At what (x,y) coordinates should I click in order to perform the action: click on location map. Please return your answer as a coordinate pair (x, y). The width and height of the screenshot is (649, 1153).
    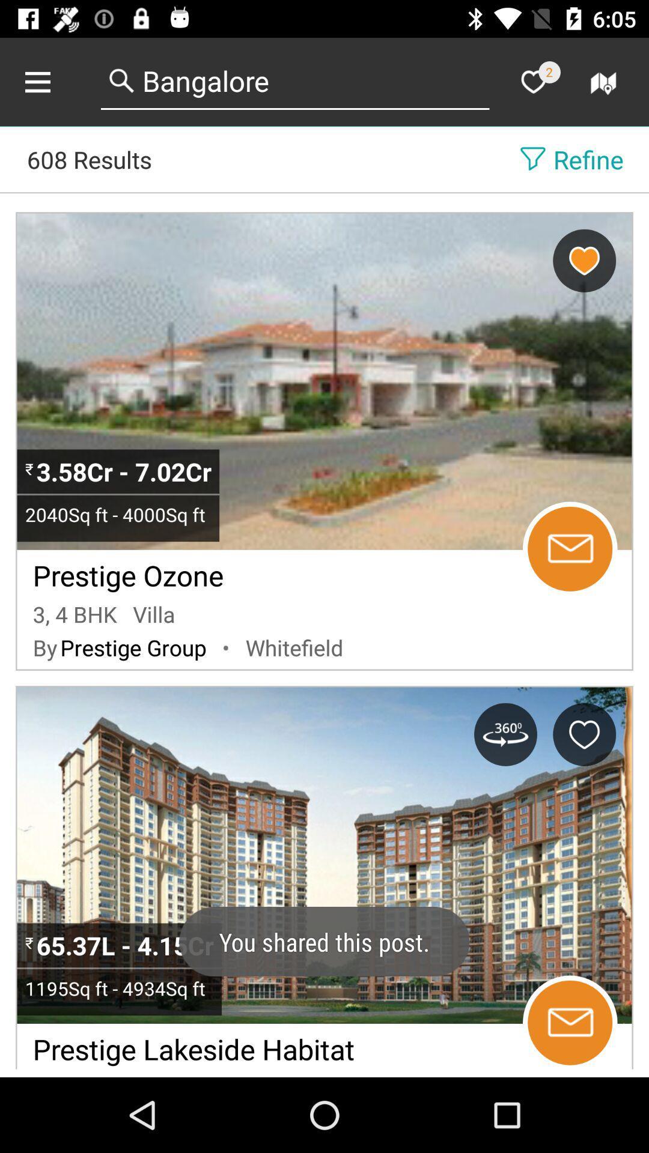
    Looking at the image, I should click on (605, 81).